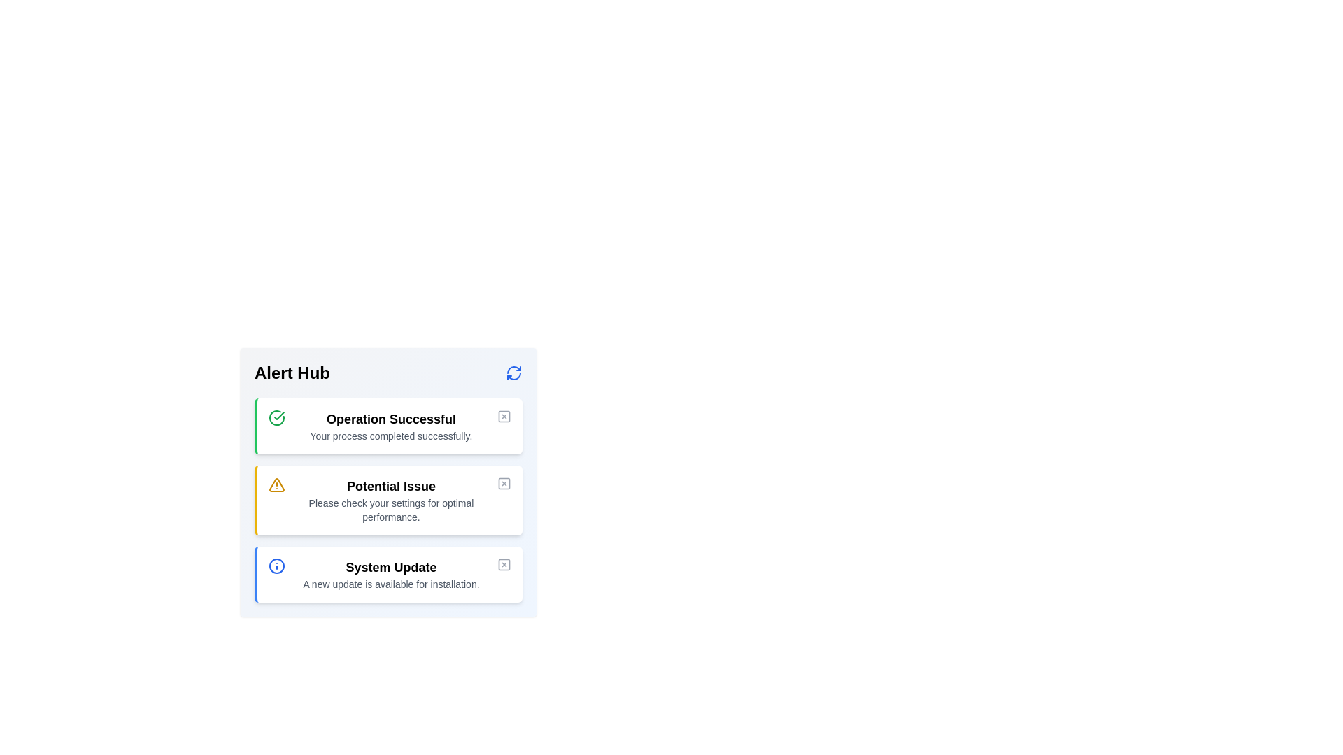  Describe the element at coordinates (391, 419) in the screenshot. I see `the text label indicating that an operation has been successfully completed, positioned at the top of the first notification card` at that location.